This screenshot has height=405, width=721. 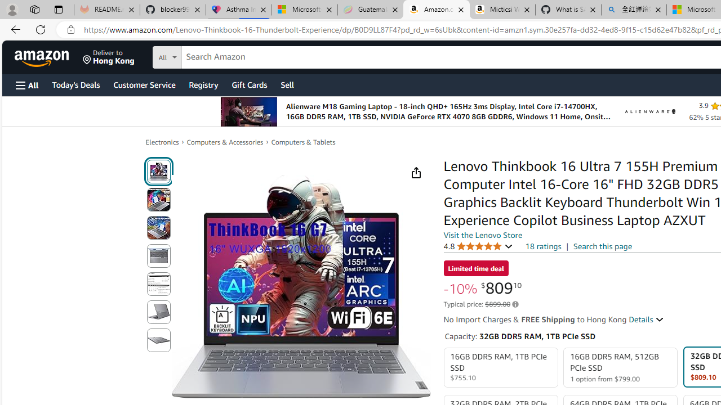 I want to click on 'Details ', so click(x=647, y=319).